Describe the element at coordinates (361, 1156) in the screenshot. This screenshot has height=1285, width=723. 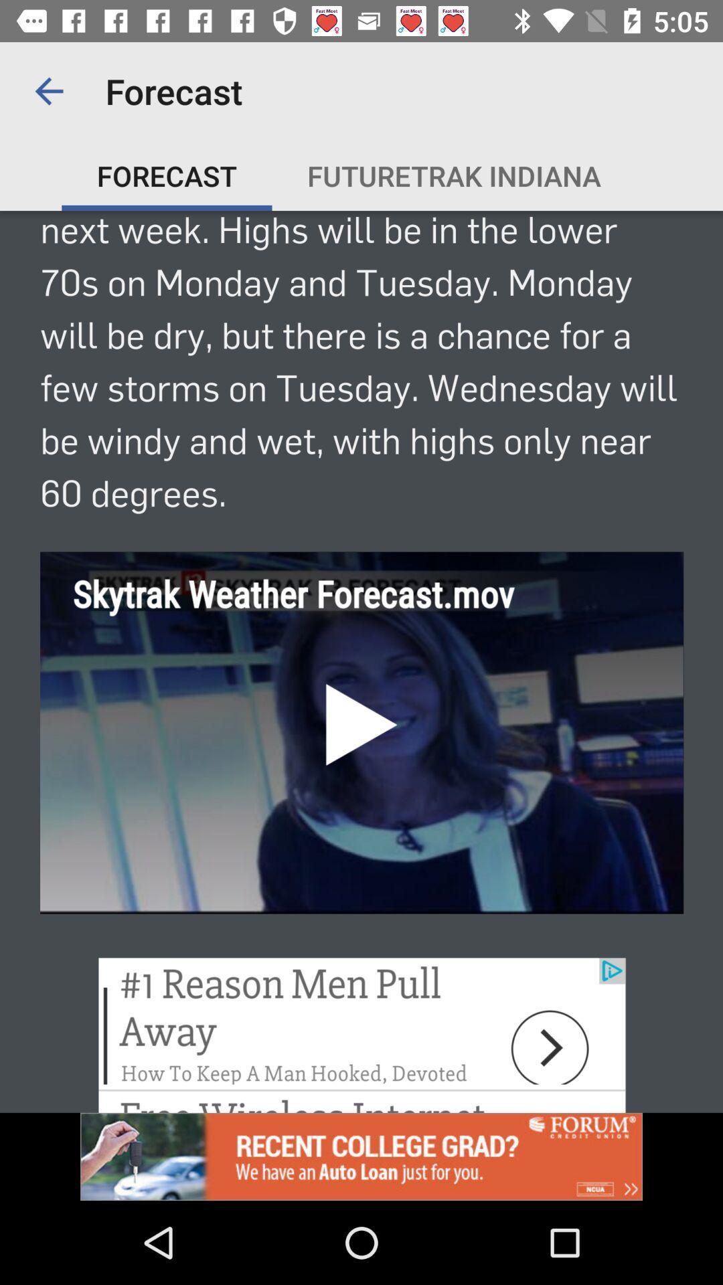
I see `advertisement` at that location.